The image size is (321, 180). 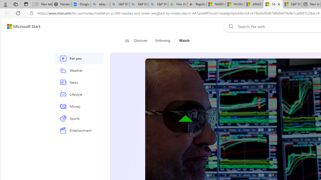 What do you see at coordinates (184, 40) in the screenshot?
I see `'Watch'` at bounding box center [184, 40].